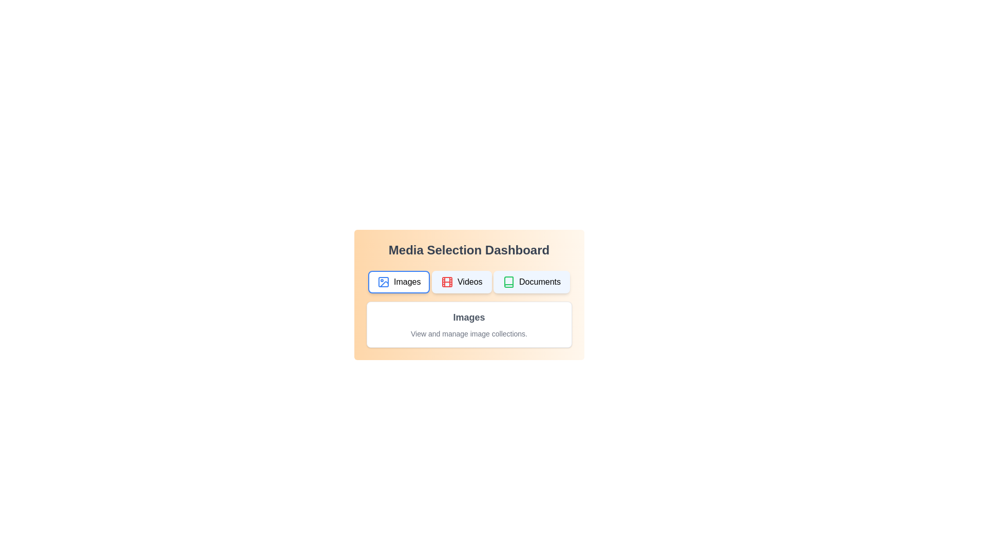  I want to click on the navigation button on the far left of the first row in the Media Selection Dashboard, so click(399, 282).